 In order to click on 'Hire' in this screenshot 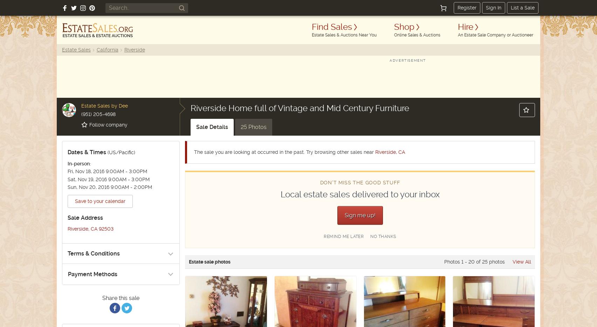, I will do `click(465, 27)`.